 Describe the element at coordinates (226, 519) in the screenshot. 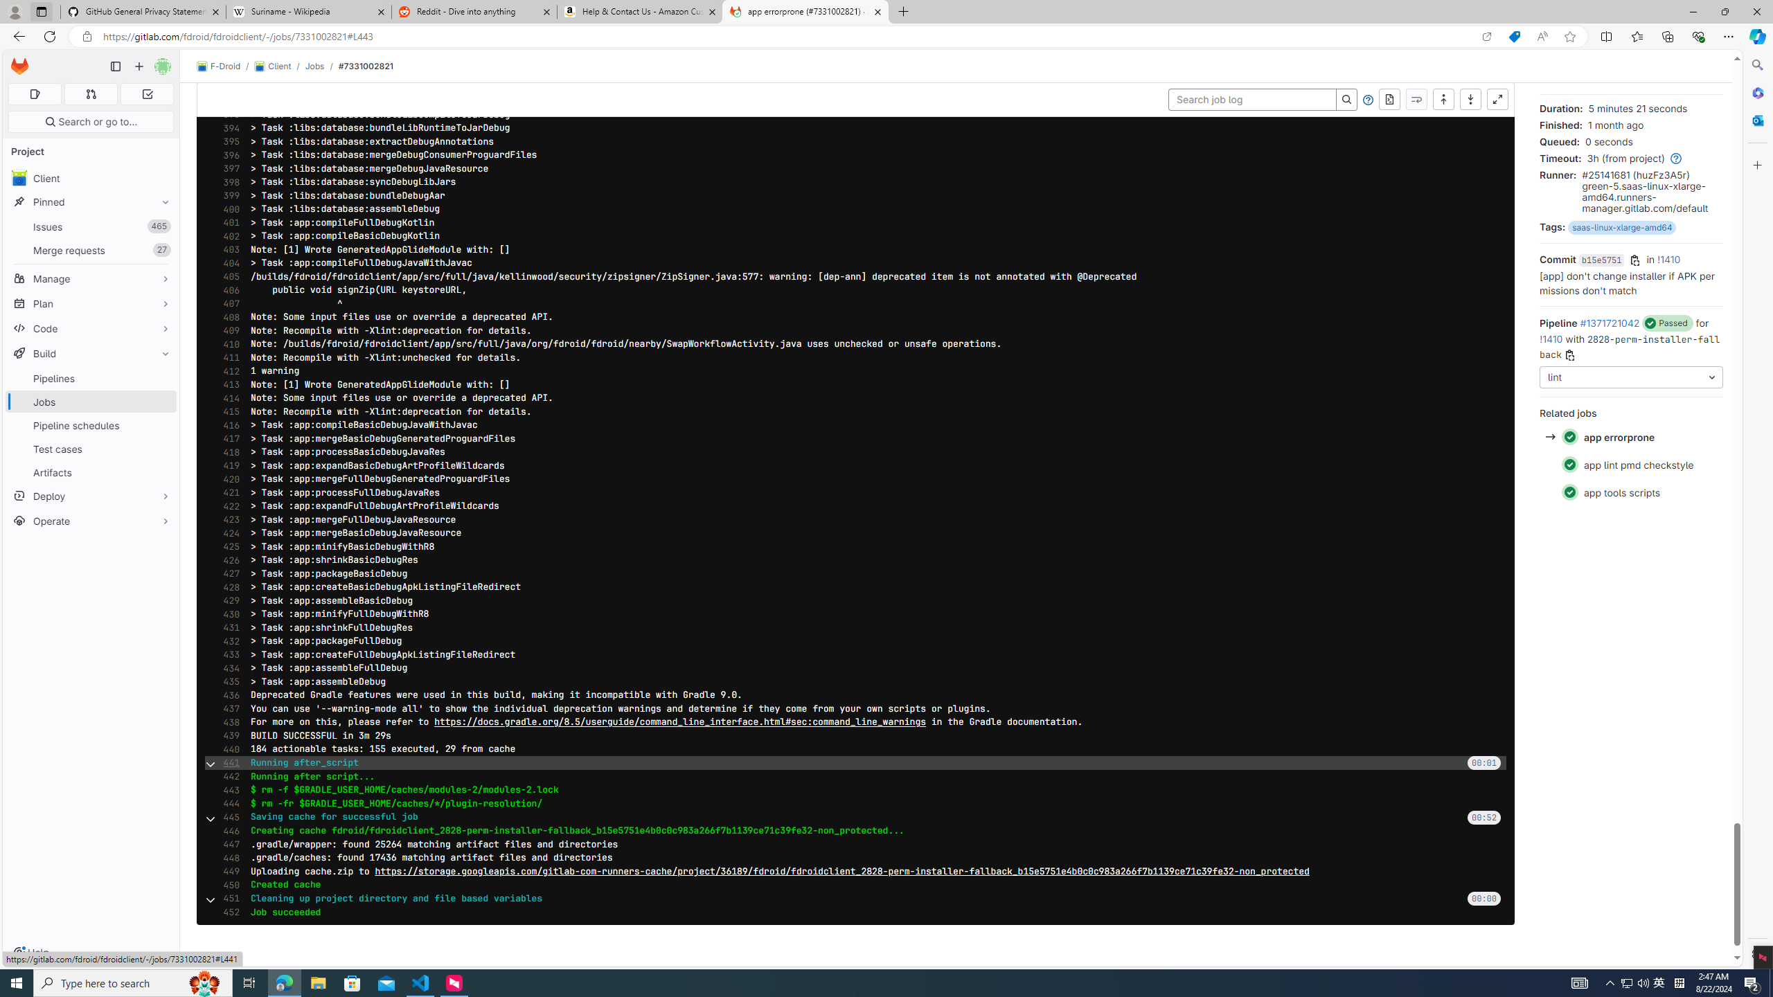

I see `'423'` at that location.